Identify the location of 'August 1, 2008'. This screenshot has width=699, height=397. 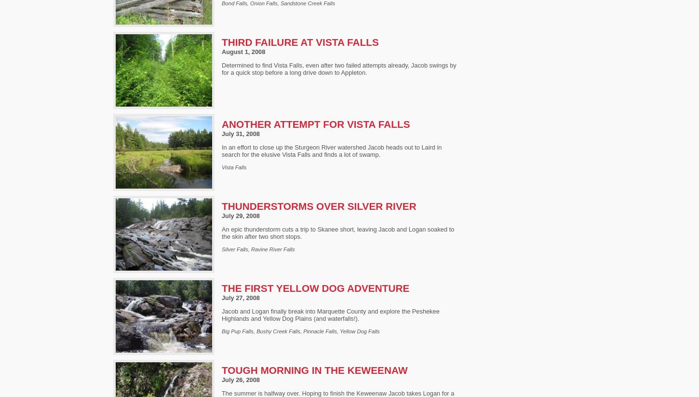
(243, 51).